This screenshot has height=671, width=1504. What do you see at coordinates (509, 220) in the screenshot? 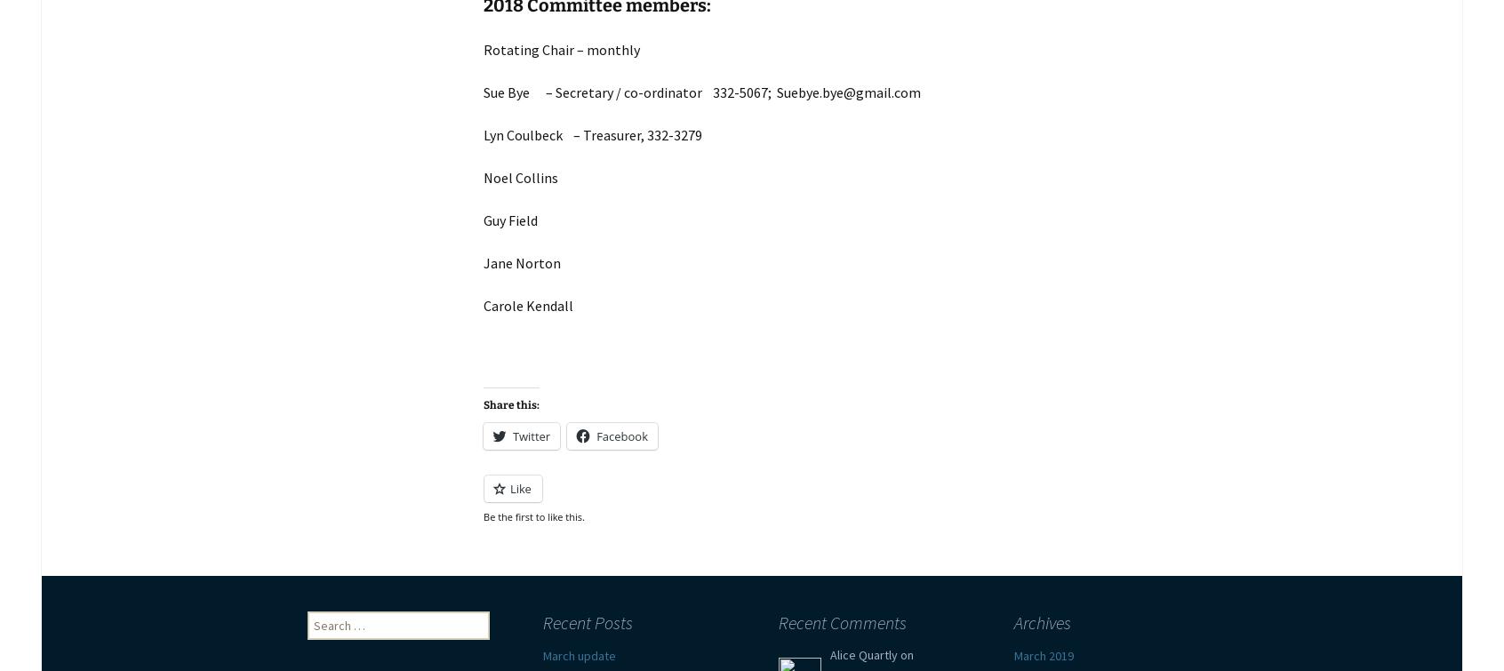
I see `'Guy Field'` at bounding box center [509, 220].